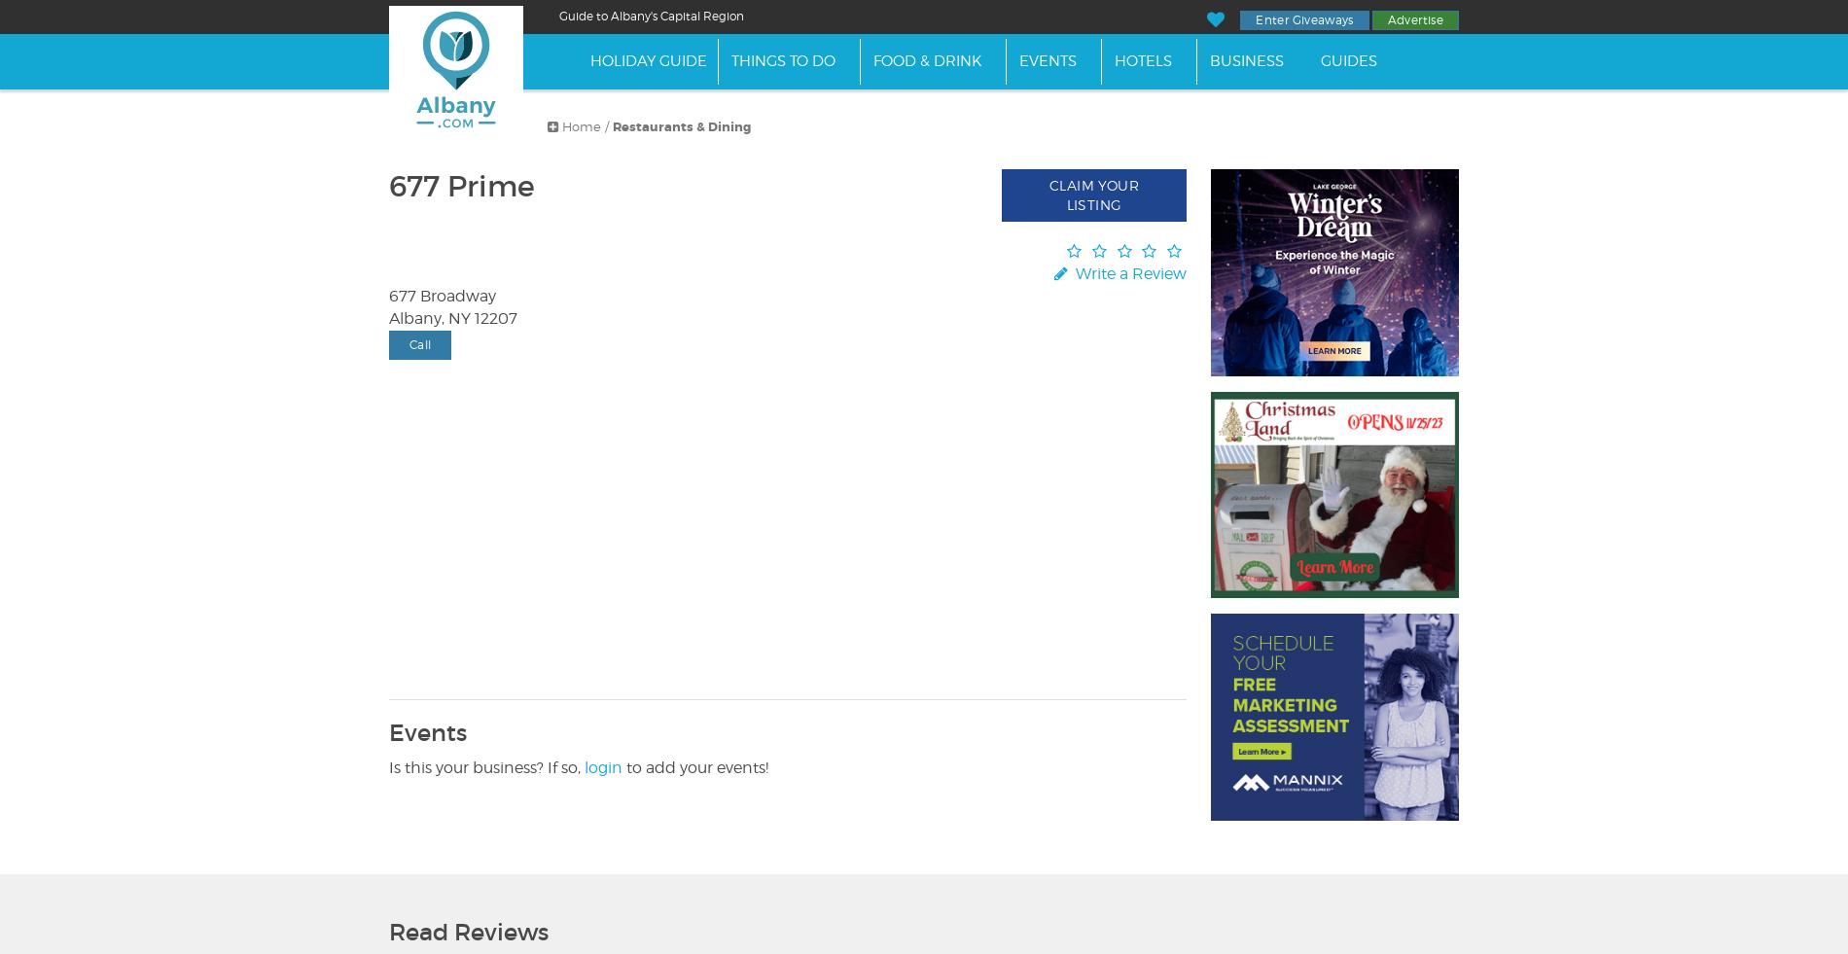  I want to click on 'Check Out These Top 5 Events in the Capital Region This Weekend', so click(1155, 33).